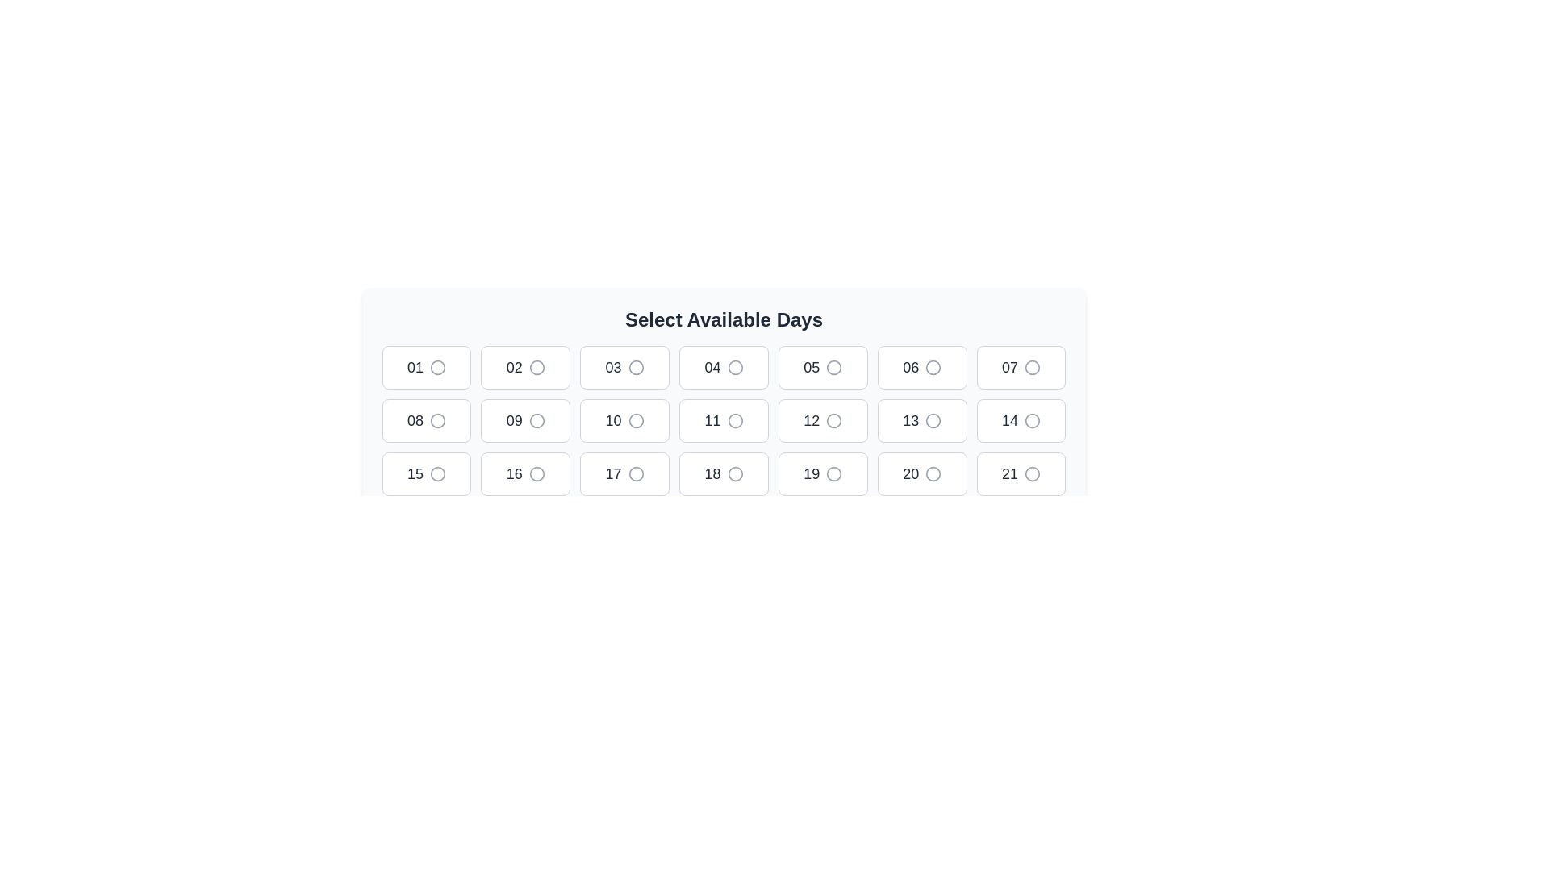 This screenshot has width=1549, height=871. Describe the element at coordinates (1033, 367) in the screenshot. I see `the radio button corresponding to the number '07'` at that location.